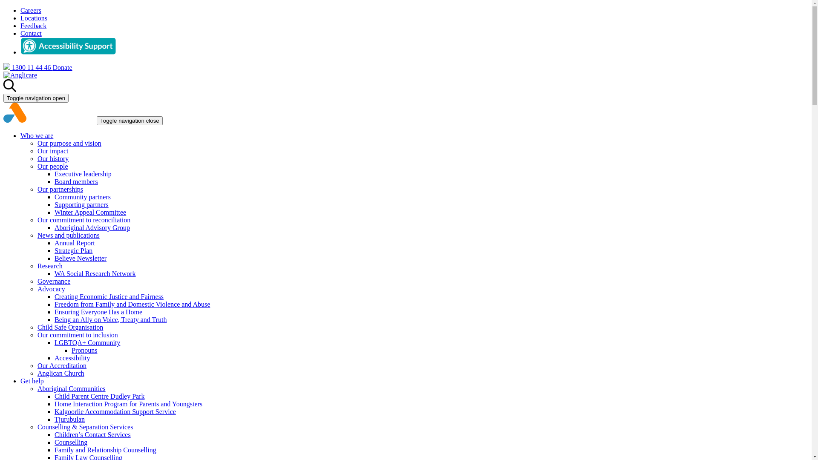 The height and width of the screenshot is (460, 818). Describe the element at coordinates (83, 173) in the screenshot. I see `'Executive leadership'` at that location.